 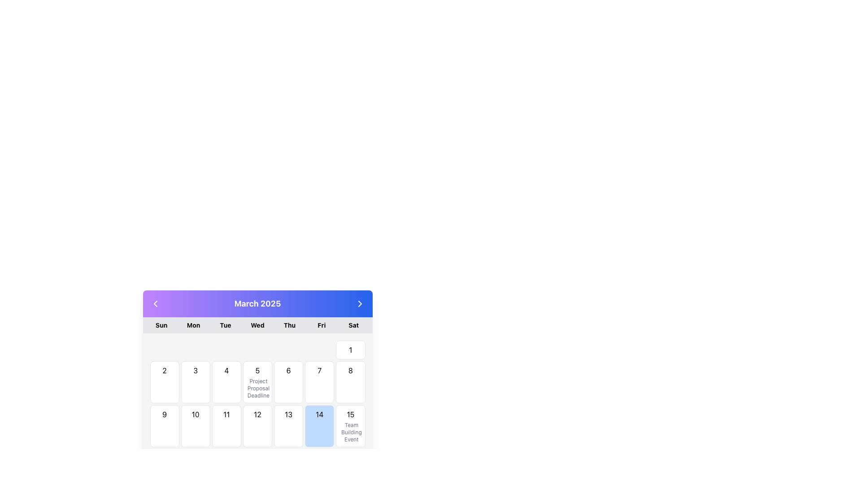 What do you see at coordinates (319, 426) in the screenshot?
I see `the calendar date cell representing the 14th of March 2025, located in the fifth row under the 'Fri' column` at bounding box center [319, 426].